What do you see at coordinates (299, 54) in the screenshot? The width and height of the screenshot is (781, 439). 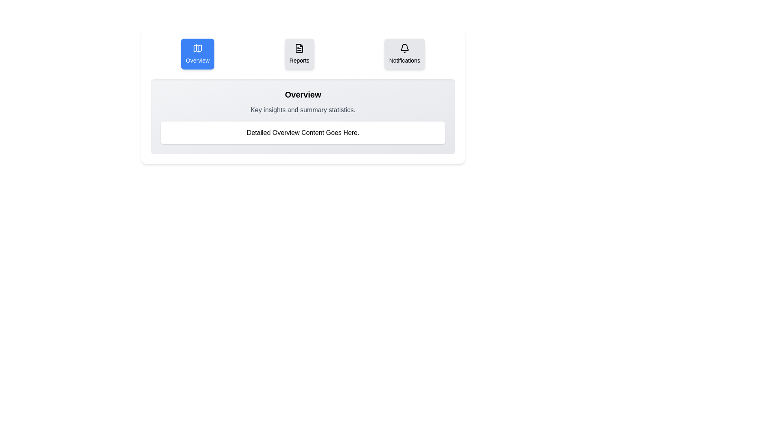 I see `the tab button labeled Reports` at bounding box center [299, 54].